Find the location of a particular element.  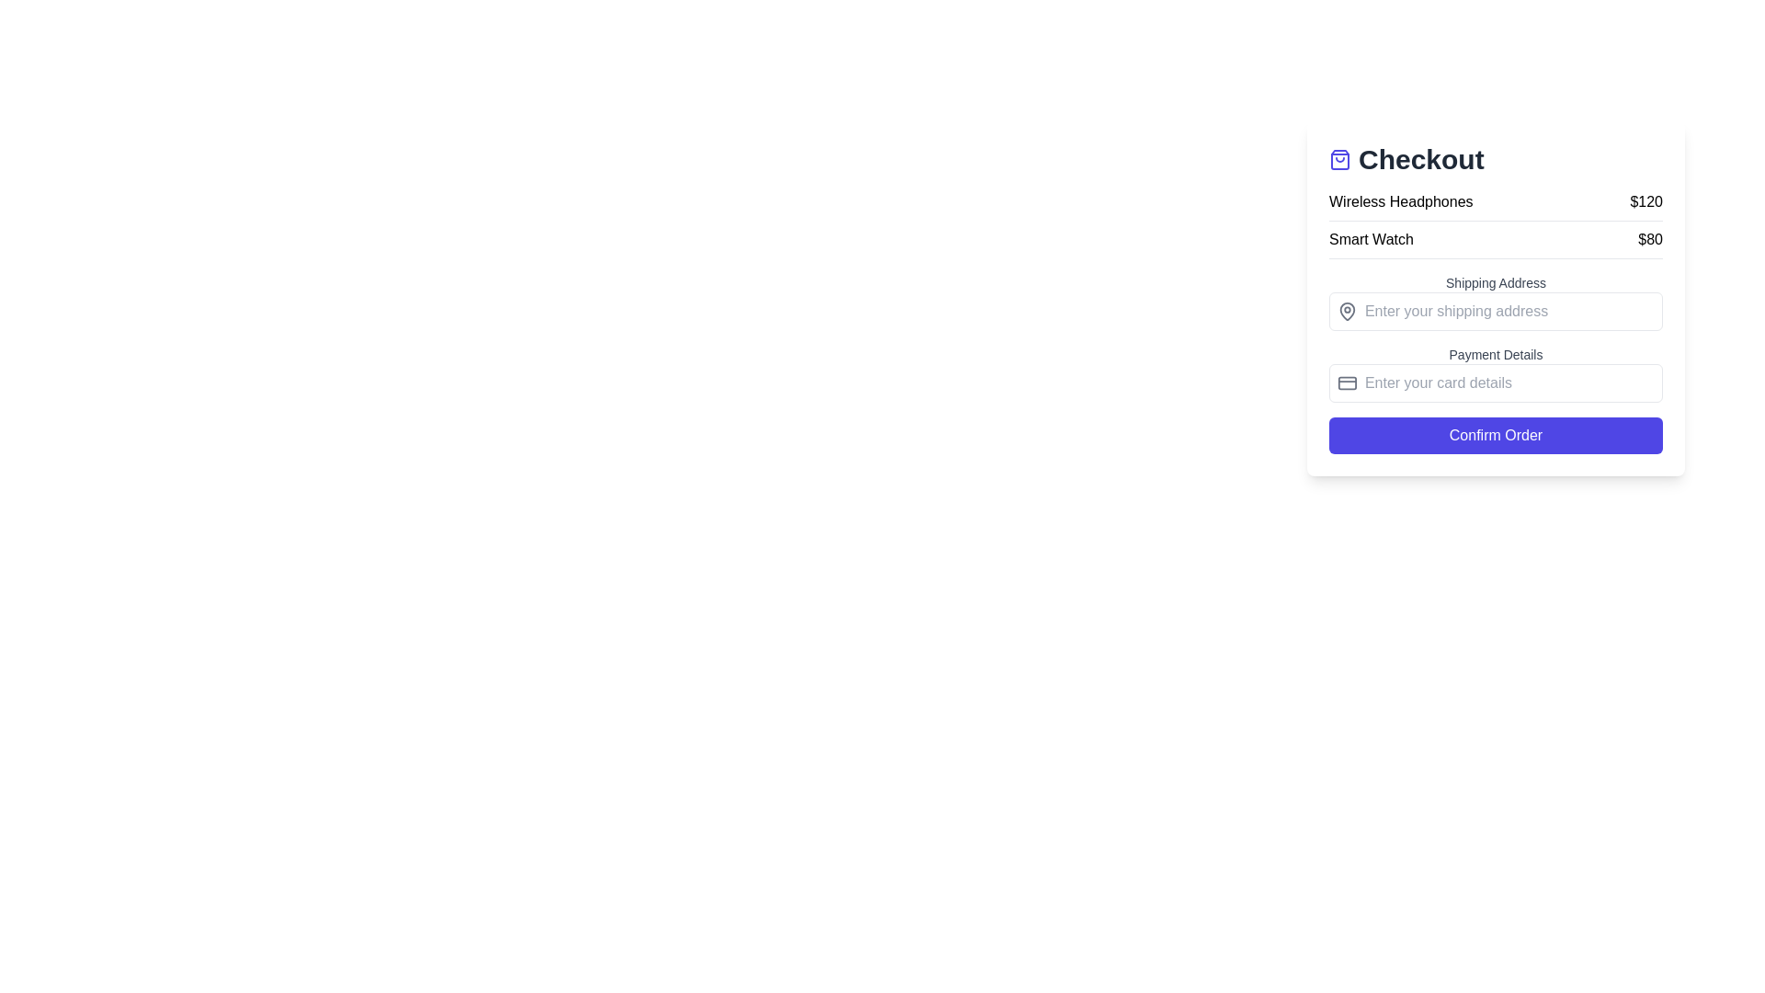

the Map Pin icon located within the Shipping Address input field on the checkout form, which visually indicates the expected input type for the address is located at coordinates (1347, 311).